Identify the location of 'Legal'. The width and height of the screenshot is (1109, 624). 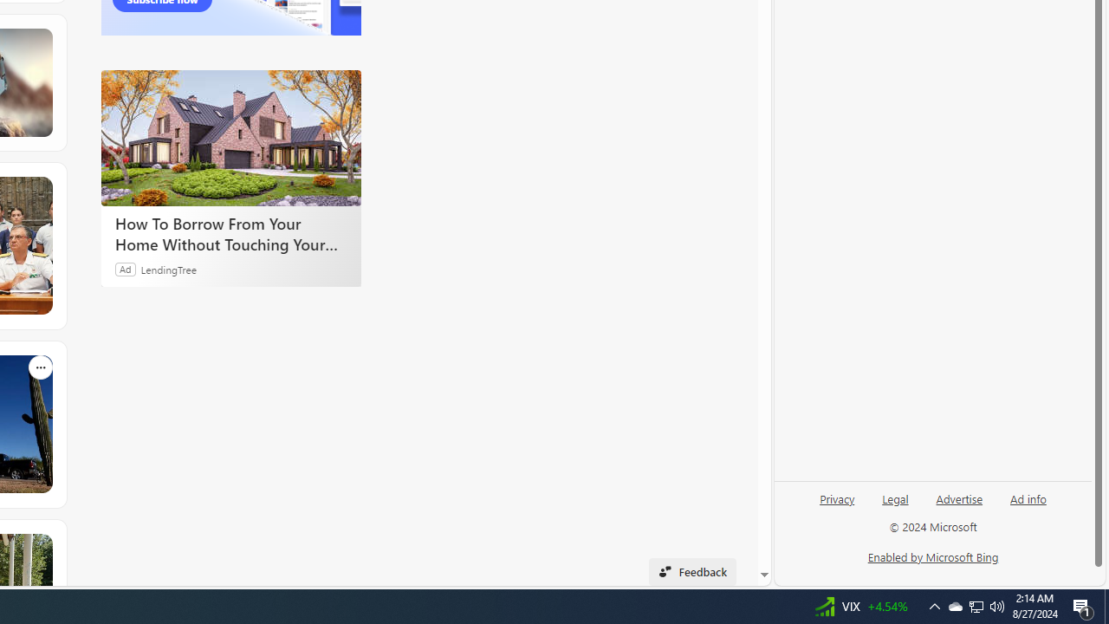
(895, 497).